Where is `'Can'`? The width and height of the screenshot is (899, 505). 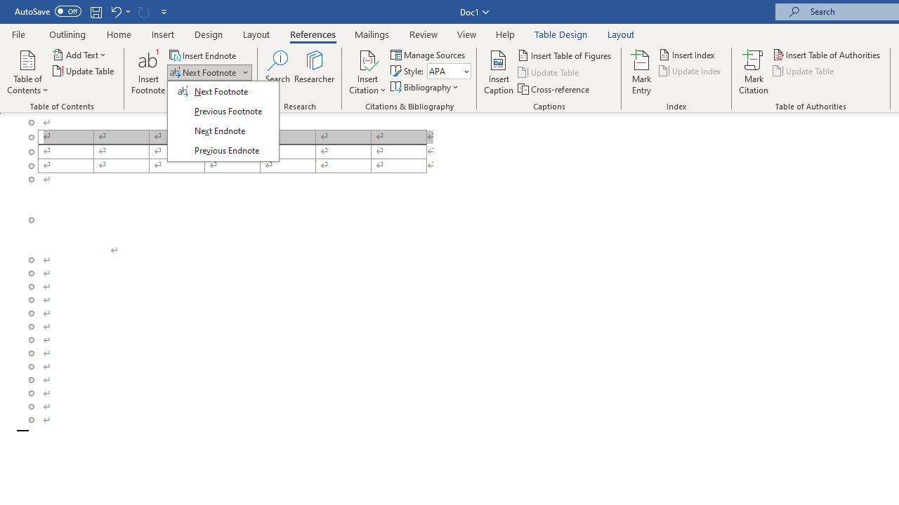 'Can' is located at coordinates (143, 11).